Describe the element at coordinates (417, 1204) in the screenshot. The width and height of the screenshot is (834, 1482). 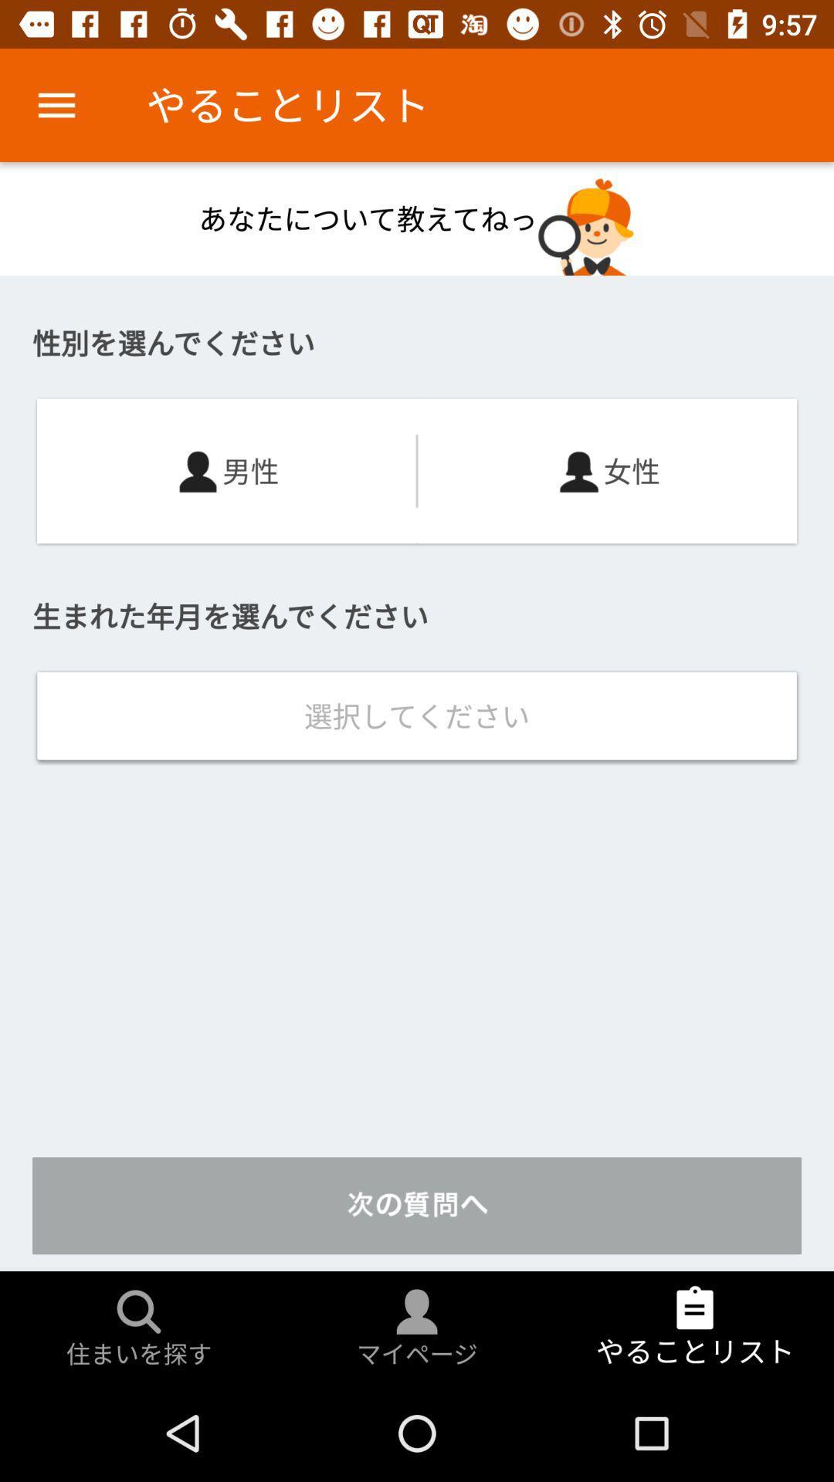
I see `the text which is just above the search icon` at that location.